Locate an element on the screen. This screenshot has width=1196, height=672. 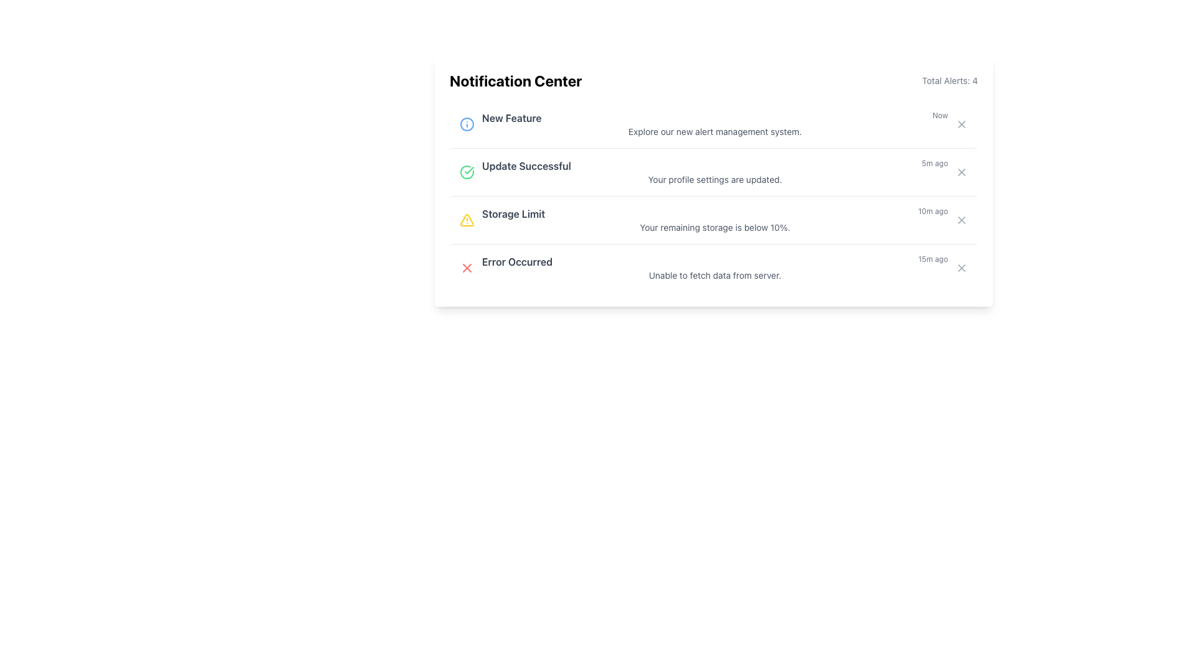
the circular success indicator icon located next to the text of the 'Update Successful' notification in the second entry of the notification list is located at coordinates (466, 172).